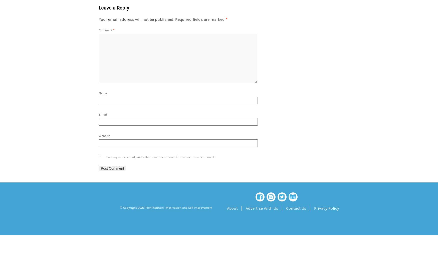  I want to click on 'Your email address will not be published.', so click(136, 19).